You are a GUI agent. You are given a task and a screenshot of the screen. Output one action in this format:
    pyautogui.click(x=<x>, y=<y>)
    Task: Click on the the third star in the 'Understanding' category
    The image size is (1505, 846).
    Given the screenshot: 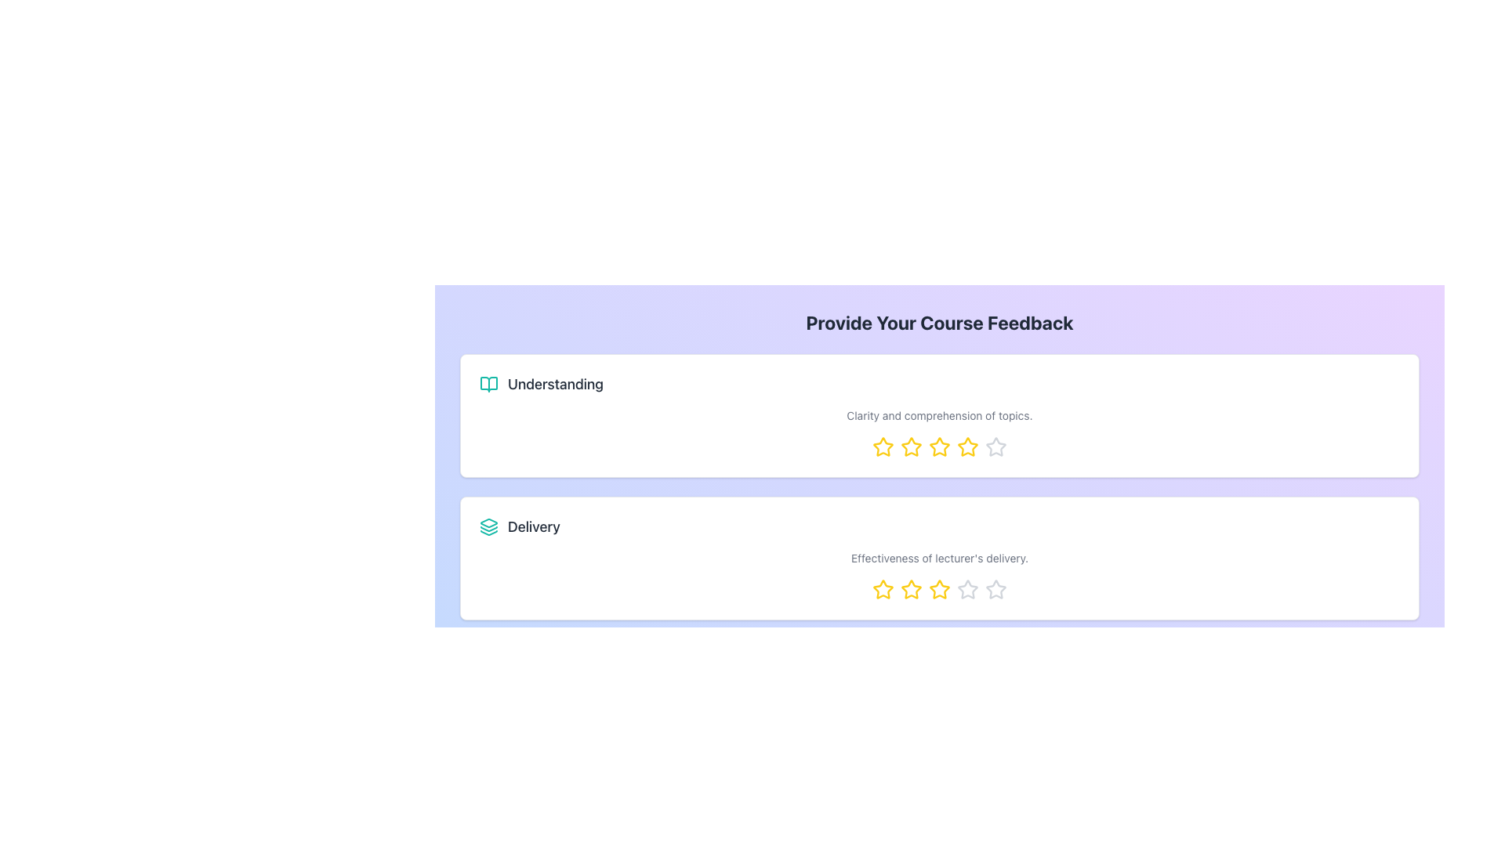 What is the action you would take?
    pyautogui.click(x=911, y=446)
    